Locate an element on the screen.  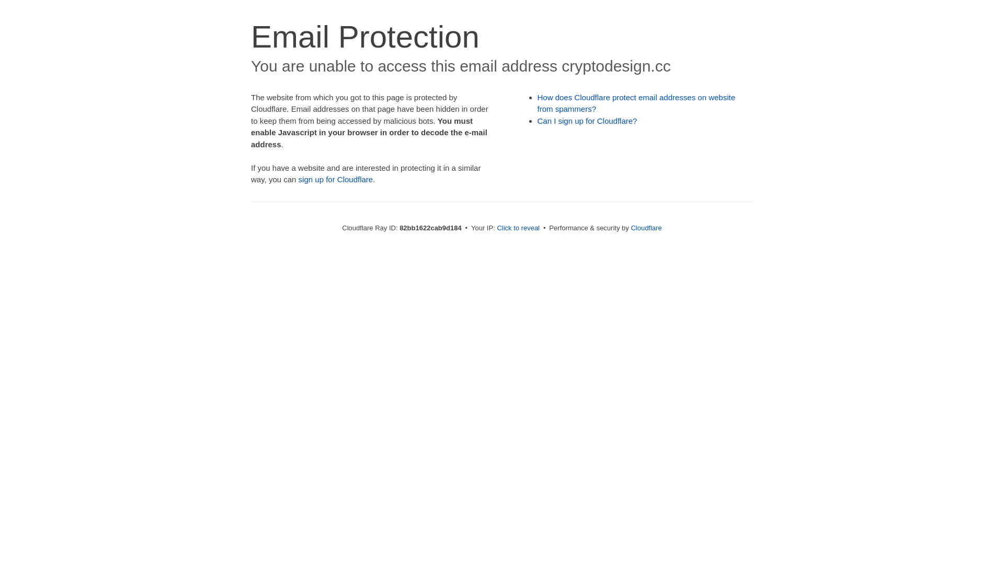
'Cloudflare' is located at coordinates (645, 227).